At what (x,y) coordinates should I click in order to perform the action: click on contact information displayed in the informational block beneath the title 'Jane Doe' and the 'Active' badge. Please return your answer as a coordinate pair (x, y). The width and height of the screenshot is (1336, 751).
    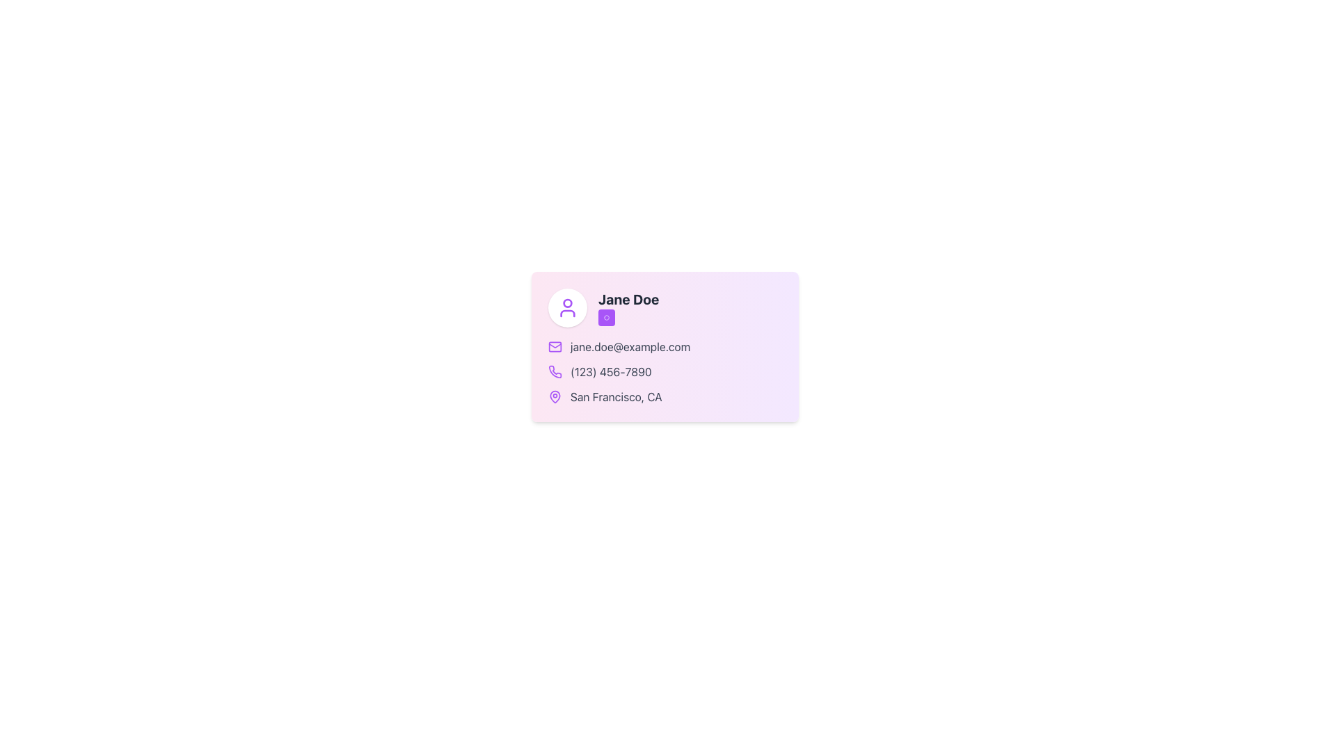
    Looking at the image, I should click on (664, 371).